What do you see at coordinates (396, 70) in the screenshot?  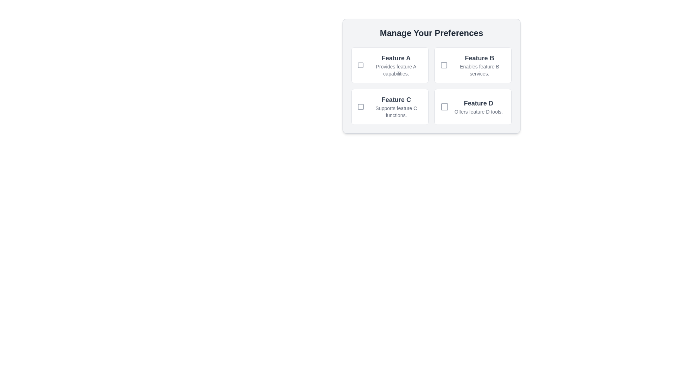 I see `the descriptive Text label that provides additional information about the selectable feature located beneath the title 'Feature A'` at bounding box center [396, 70].